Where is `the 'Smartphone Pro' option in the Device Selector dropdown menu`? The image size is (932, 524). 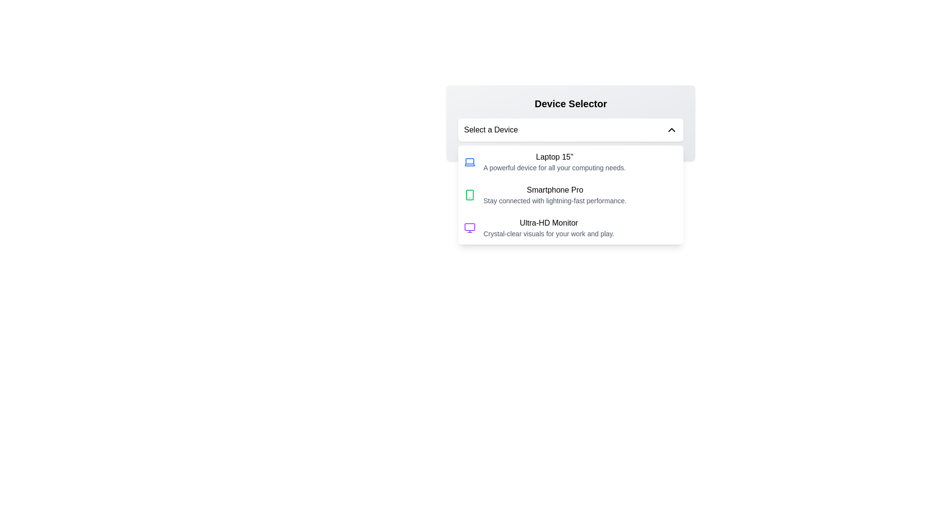
the 'Smartphone Pro' option in the Device Selector dropdown menu is located at coordinates (555, 195).